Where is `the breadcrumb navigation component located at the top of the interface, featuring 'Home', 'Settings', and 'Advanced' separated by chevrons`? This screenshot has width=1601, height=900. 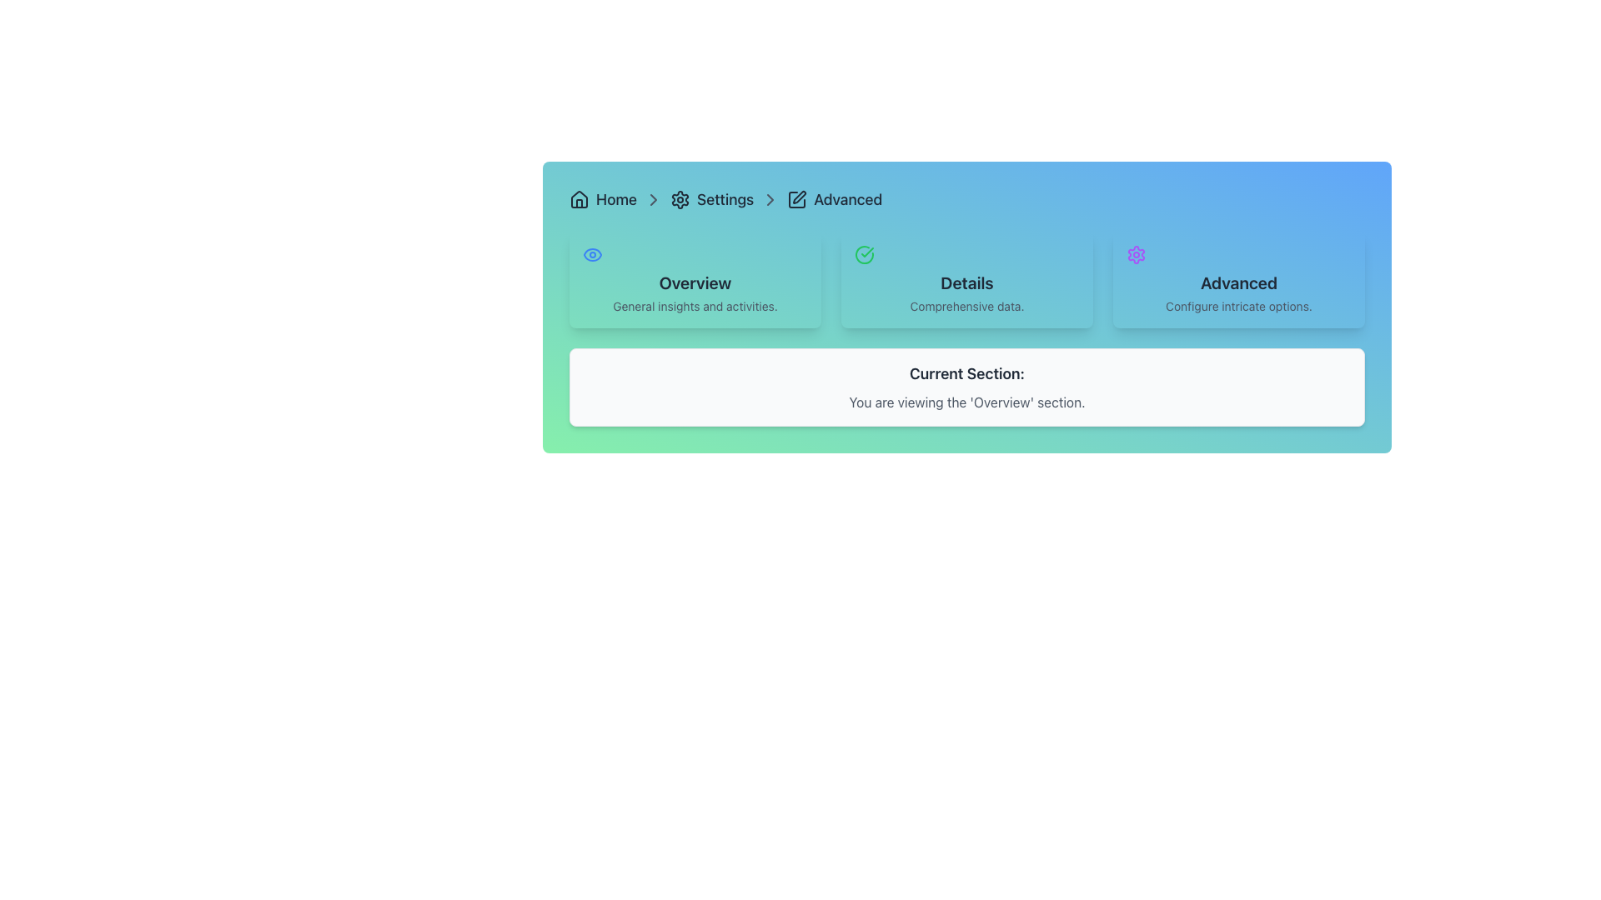 the breadcrumb navigation component located at the top of the interface, featuring 'Home', 'Settings', and 'Advanced' separated by chevrons is located at coordinates (967, 198).